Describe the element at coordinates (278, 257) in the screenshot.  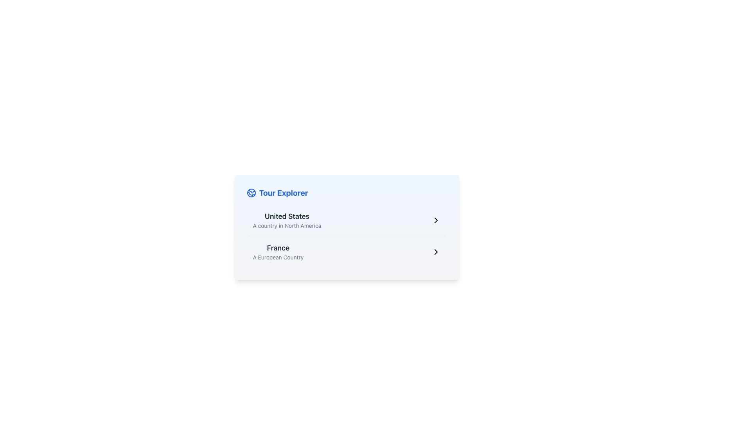
I see `the static text label providing additional information about the title 'France', located below the title in a vertical layout` at that location.